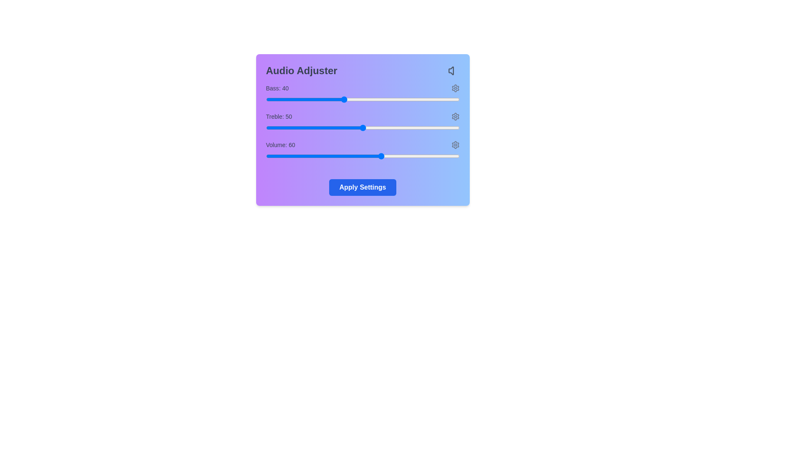  What do you see at coordinates (383, 128) in the screenshot?
I see `the treble level` at bounding box center [383, 128].